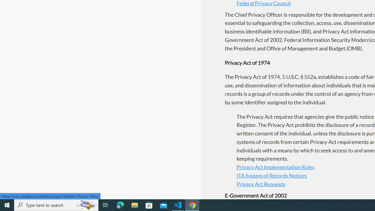 The image size is (375, 211). Describe the element at coordinates (275, 167) in the screenshot. I see `'Privacy Act Implementation Rules'` at that location.